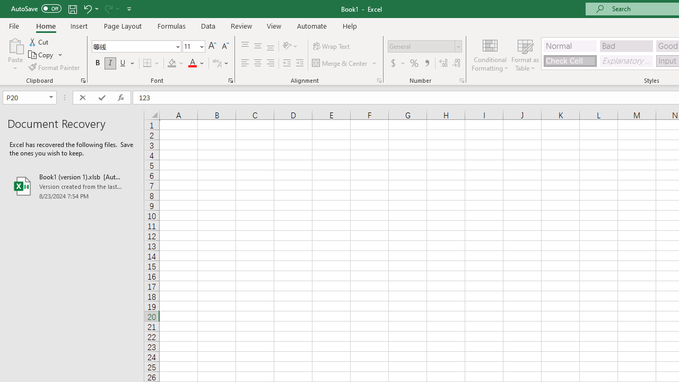  What do you see at coordinates (462, 80) in the screenshot?
I see `'Format Cell Number'` at bounding box center [462, 80].